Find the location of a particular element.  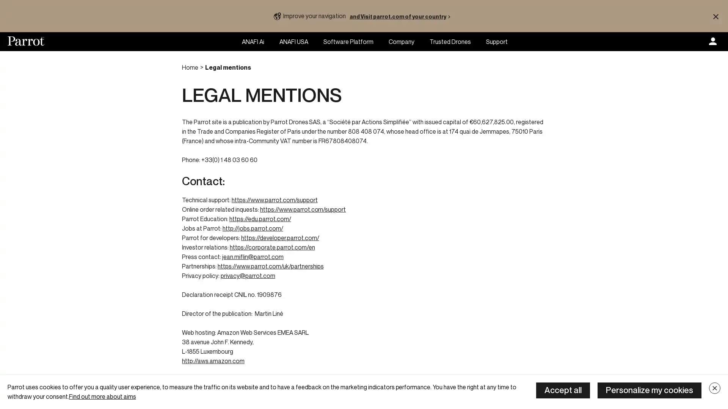

close is located at coordinates (714, 388).